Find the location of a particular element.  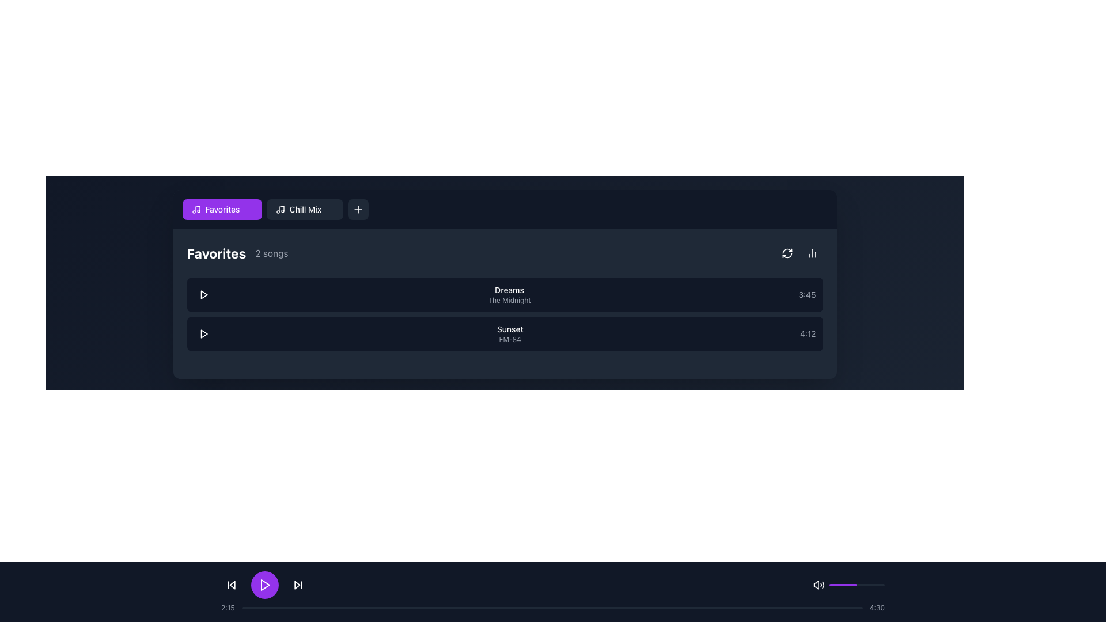

the volume slider is located at coordinates (836, 585).